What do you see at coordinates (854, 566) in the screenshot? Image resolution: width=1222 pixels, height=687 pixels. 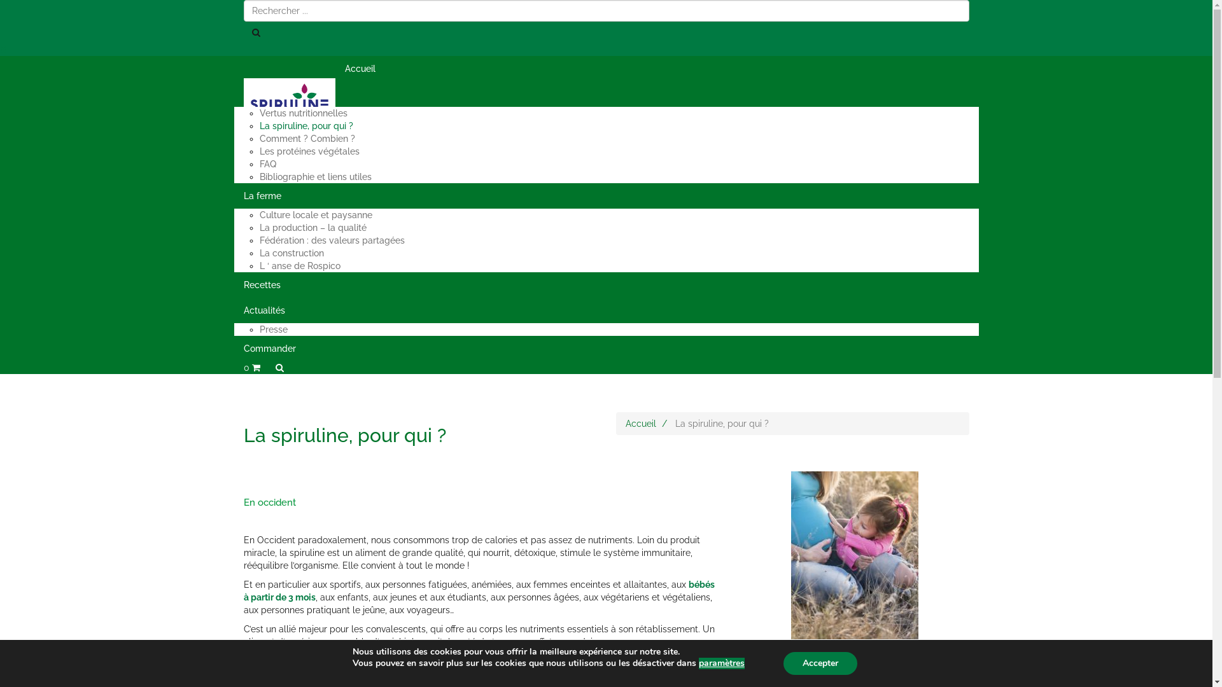 I see `'child-touching-his-mother-lamb-160624'` at bounding box center [854, 566].